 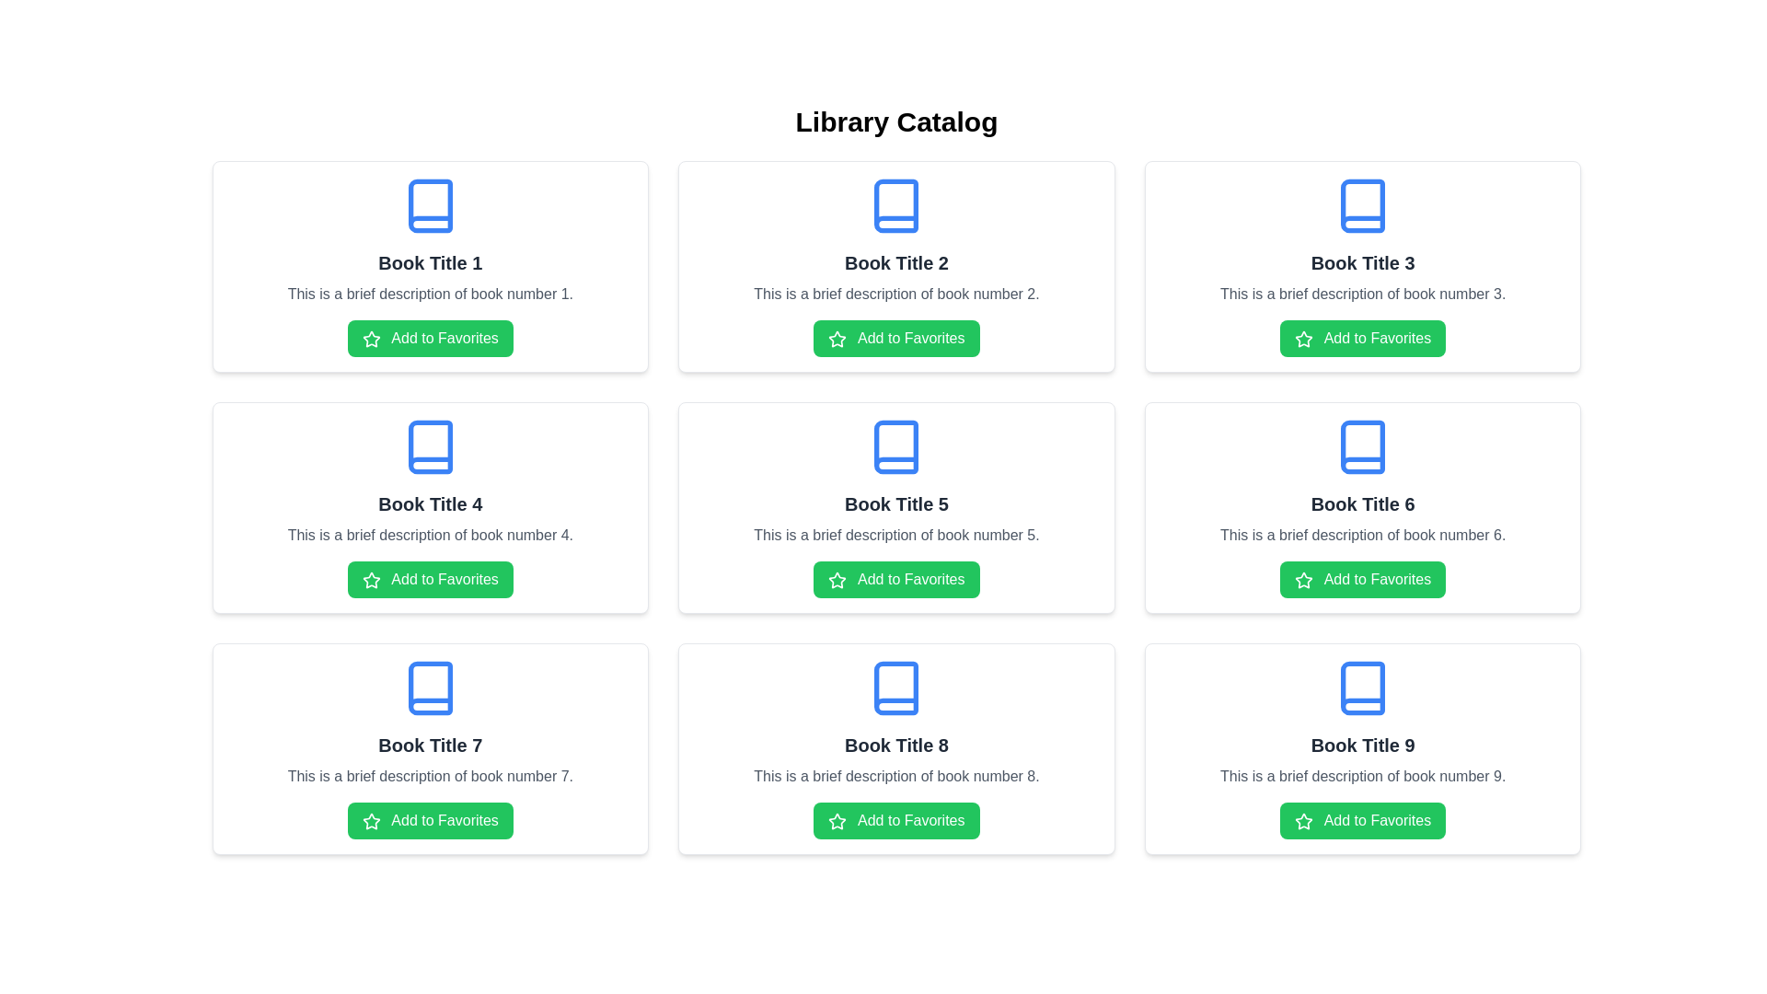 I want to click on the text label that provides details about 'Book number 7', which is located in the middle row of the grid layout, beneath 'Book Title 7' and above the 'Add to Favorites' button, so click(x=429, y=777).